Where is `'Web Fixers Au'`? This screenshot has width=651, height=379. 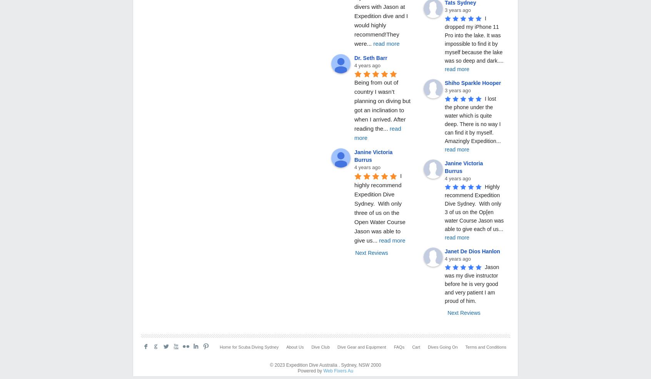
'Web Fixers Au' is located at coordinates (337, 371).